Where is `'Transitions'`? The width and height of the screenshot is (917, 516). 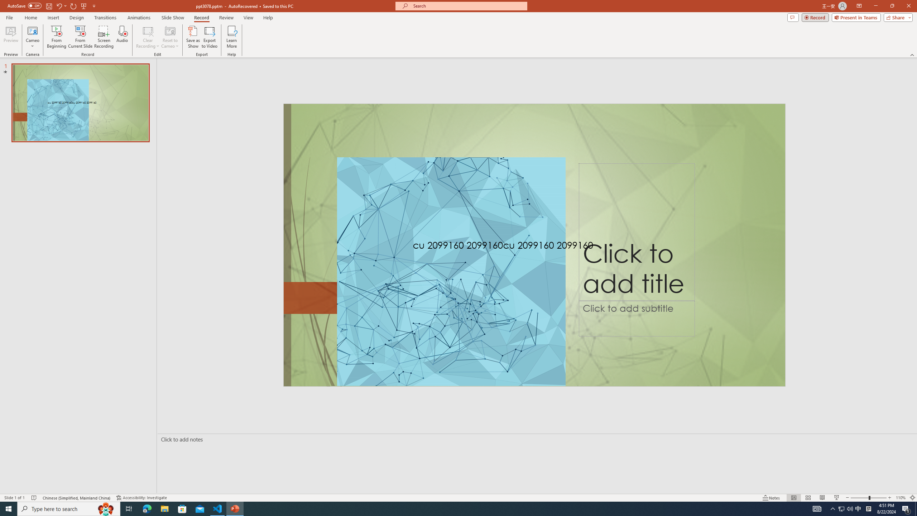 'Transitions' is located at coordinates (105, 18).